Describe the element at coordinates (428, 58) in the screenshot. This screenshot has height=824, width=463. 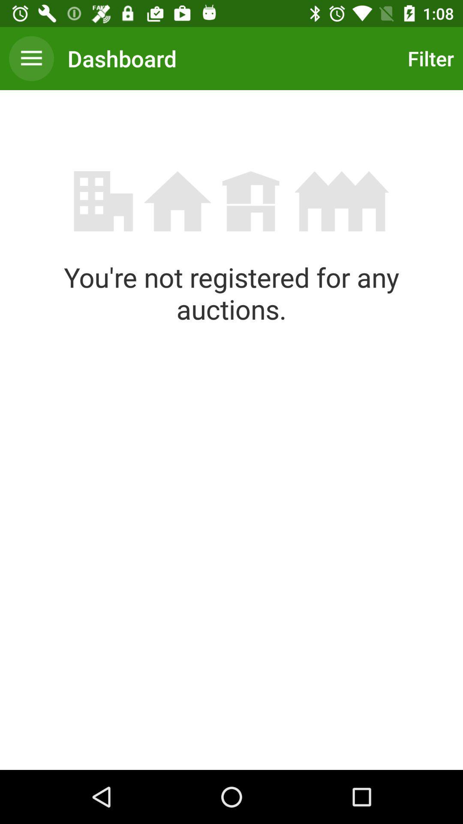
I see `filter` at that location.